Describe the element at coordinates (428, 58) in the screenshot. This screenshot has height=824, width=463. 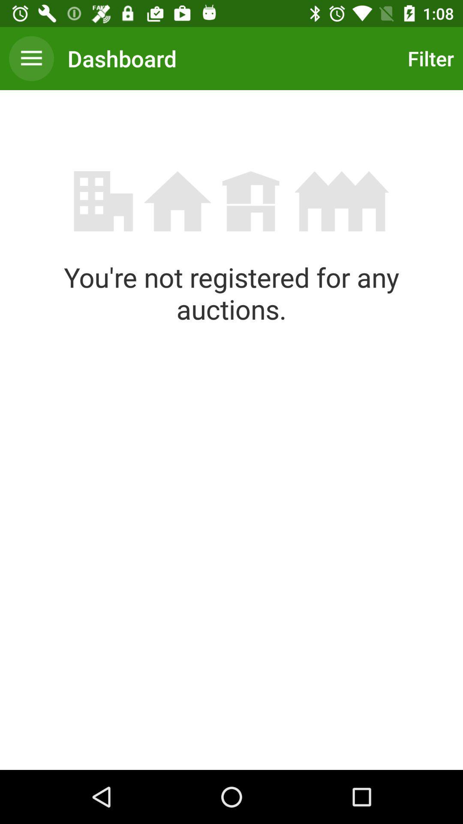
I see `filter` at that location.